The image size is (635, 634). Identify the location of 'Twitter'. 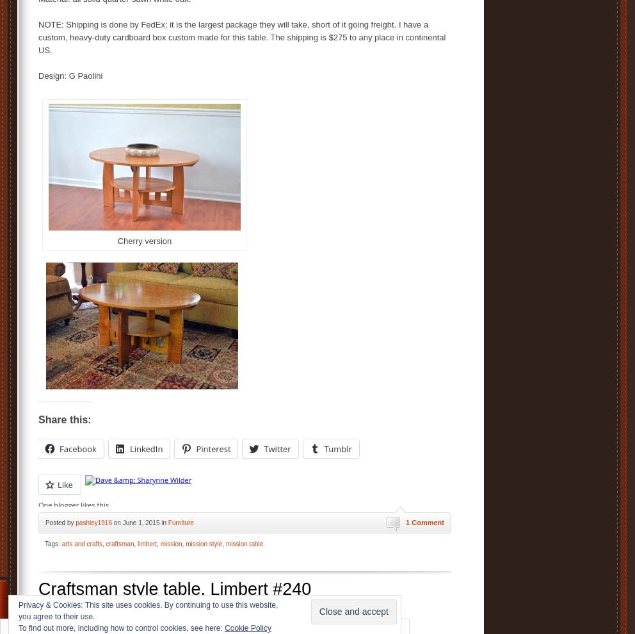
(277, 448).